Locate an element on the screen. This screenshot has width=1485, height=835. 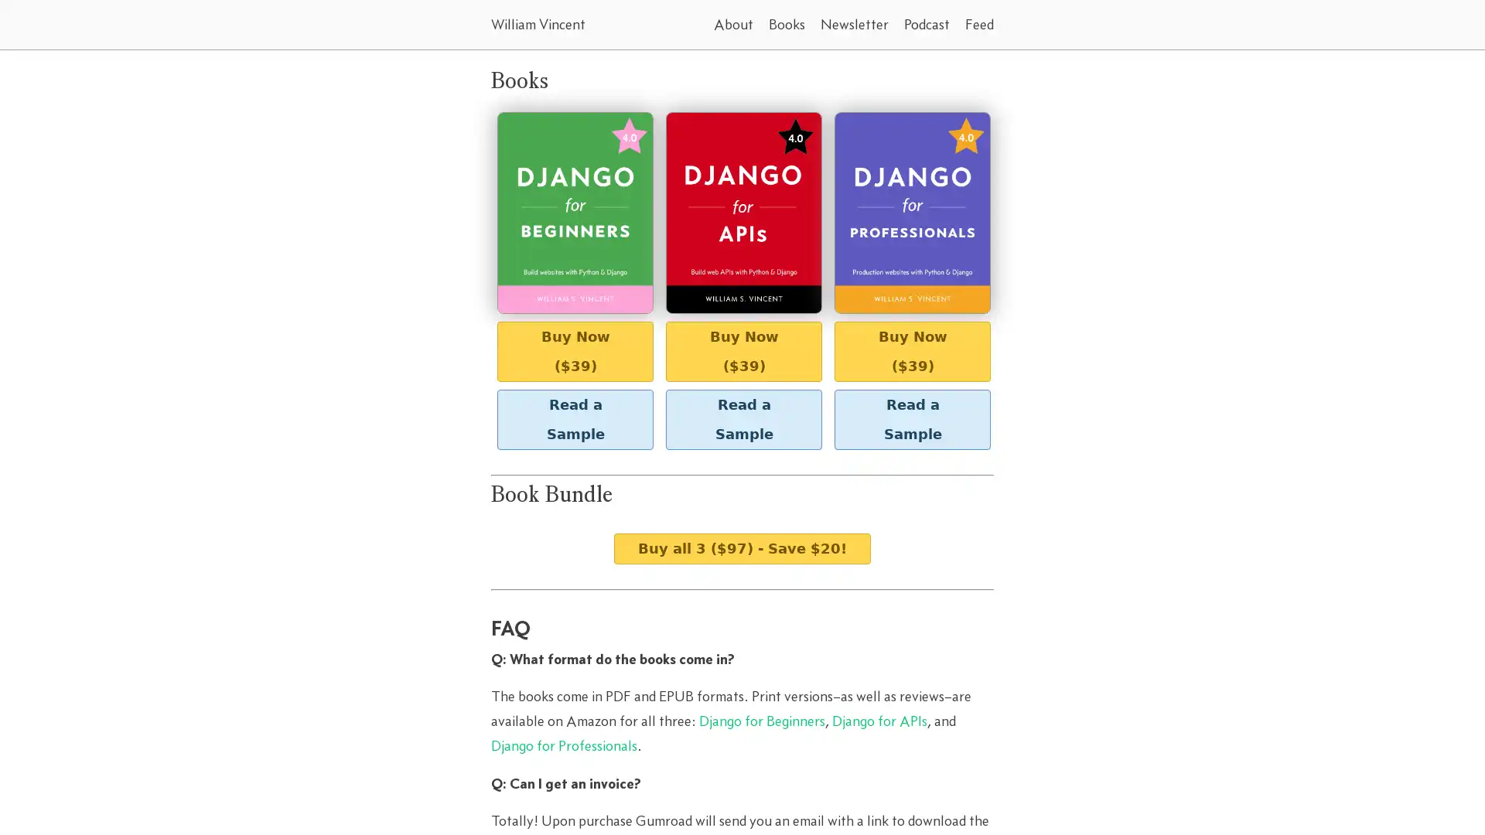
Buy Now ($39) is located at coordinates (913, 351).